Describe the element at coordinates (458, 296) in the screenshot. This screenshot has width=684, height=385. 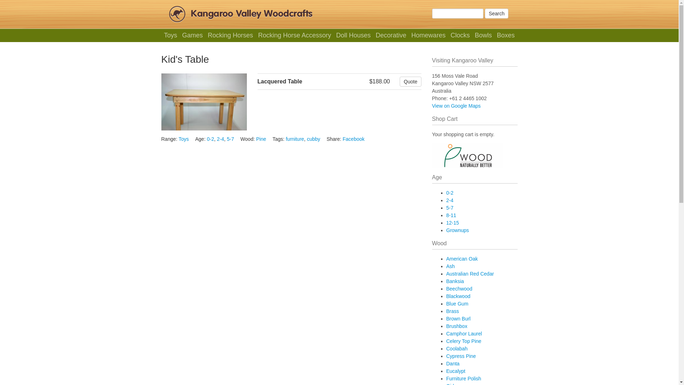
I see `'Blackwood'` at that location.